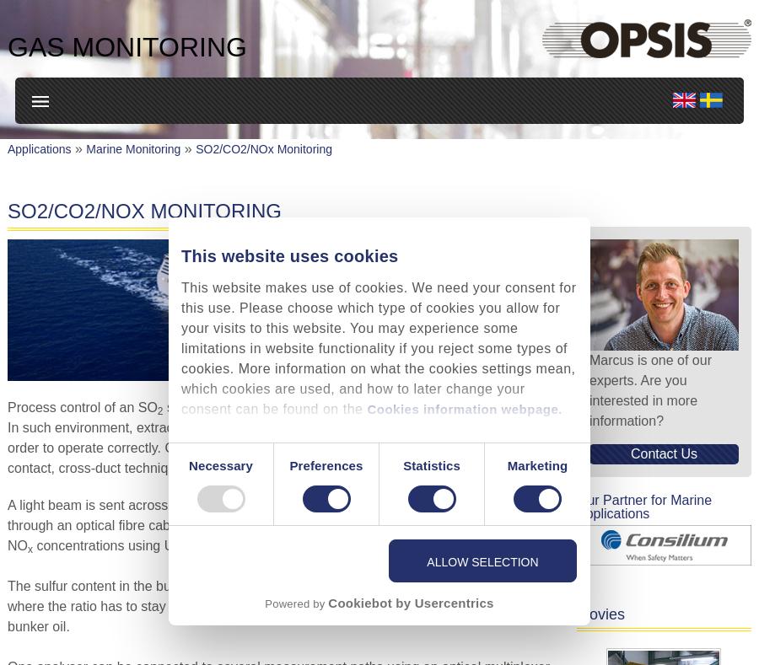 The height and width of the screenshot is (665, 759). I want to click on 'Cookiebot by Usercentrics', so click(409, 603).